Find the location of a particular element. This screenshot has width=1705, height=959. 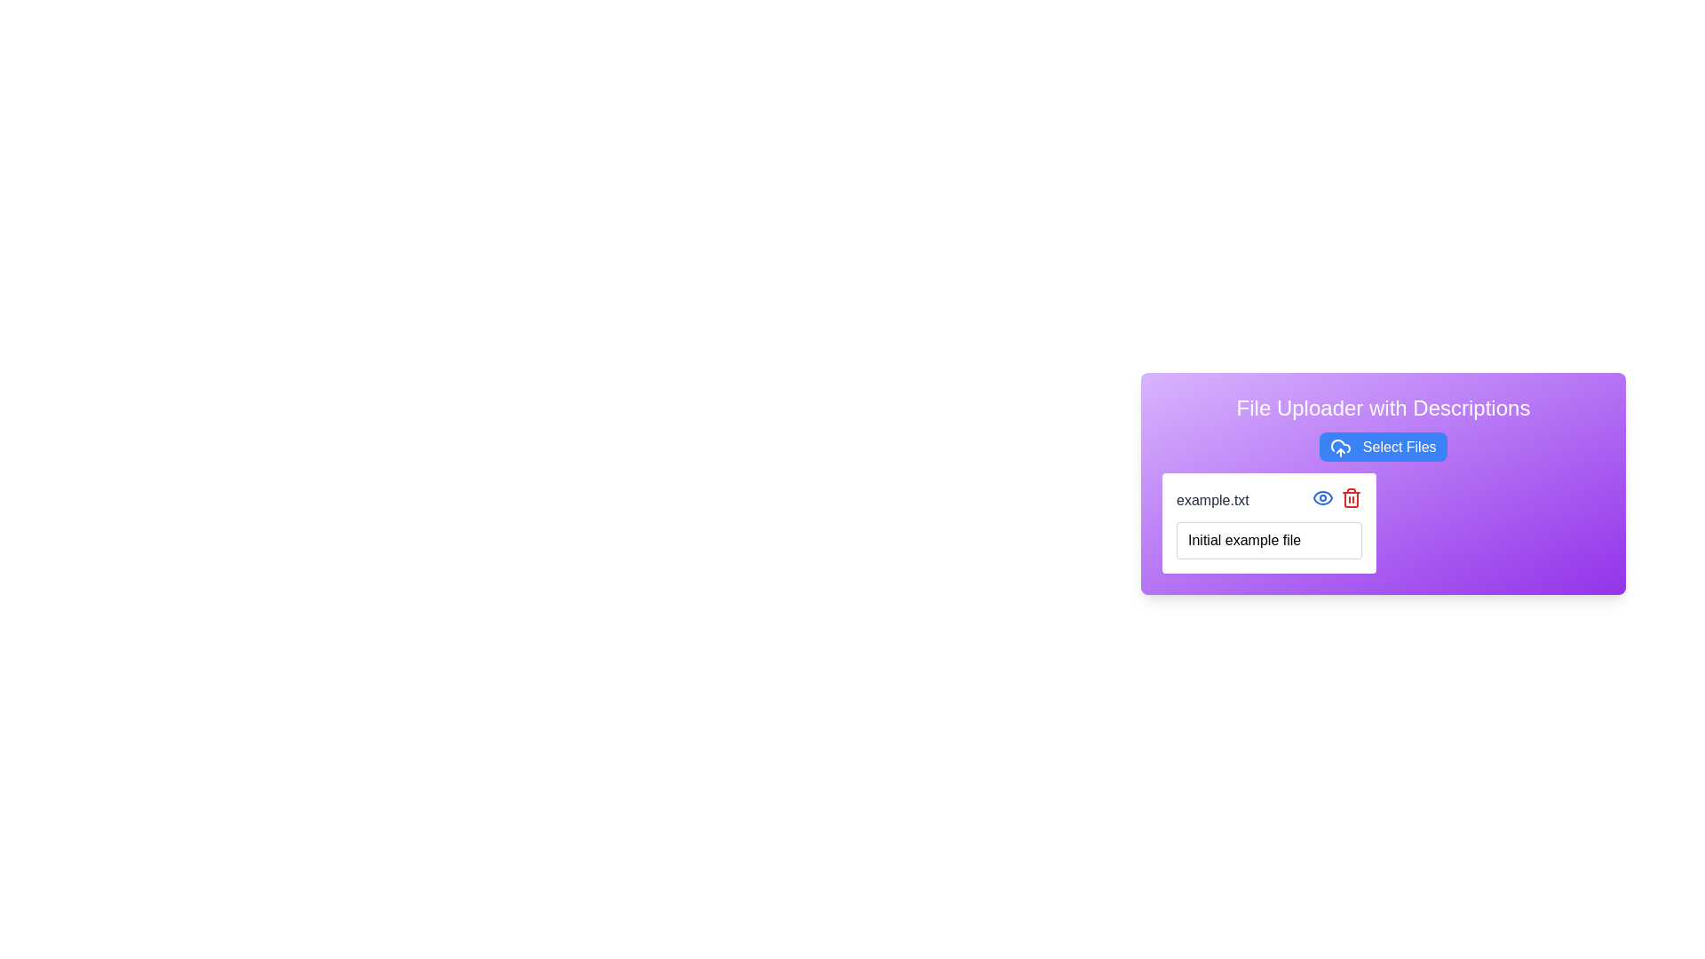

the trash bin icon located to the right of 'example.txt' to initiate the delete action is located at coordinates (1350, 499).